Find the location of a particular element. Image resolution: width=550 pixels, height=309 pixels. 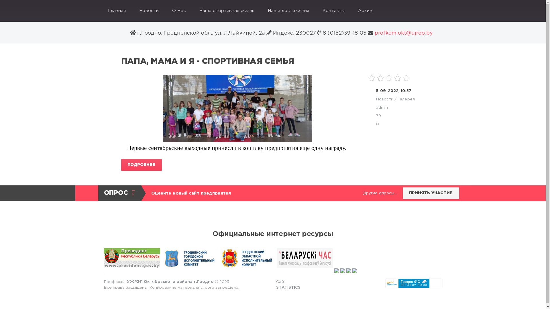

'0' is located at coordinates (376, 124).